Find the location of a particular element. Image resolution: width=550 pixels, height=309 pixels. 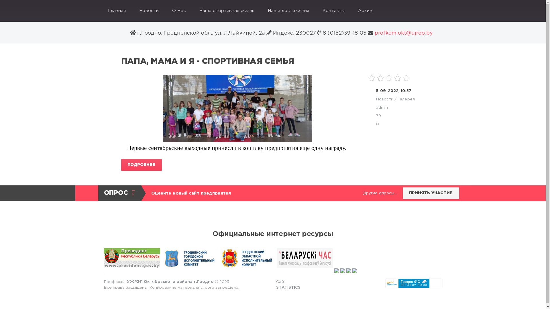

'0' is located at coordinates (376, 124).